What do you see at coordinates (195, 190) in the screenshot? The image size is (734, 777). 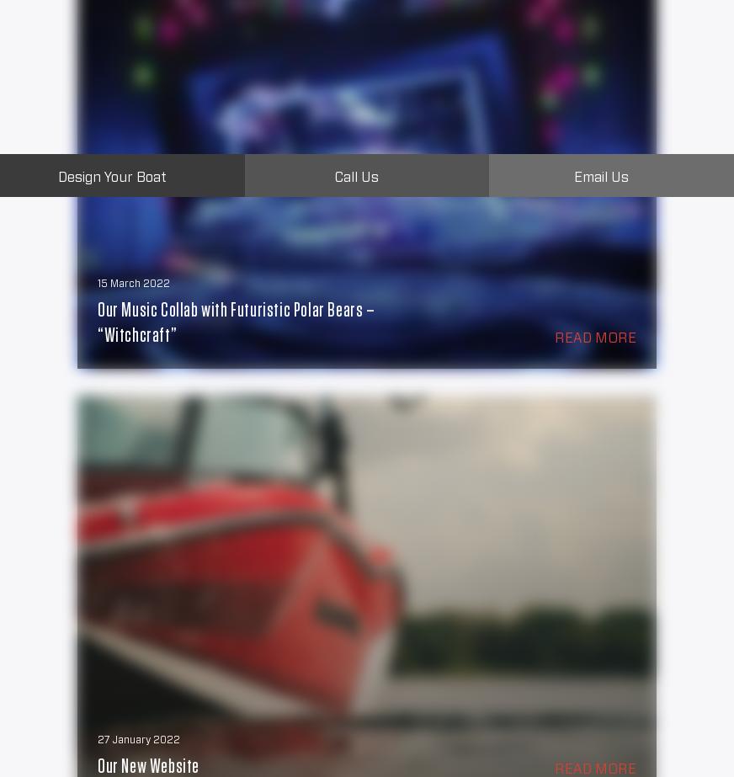 I see `'Accept & Close'` at bounding box center [195, 190].